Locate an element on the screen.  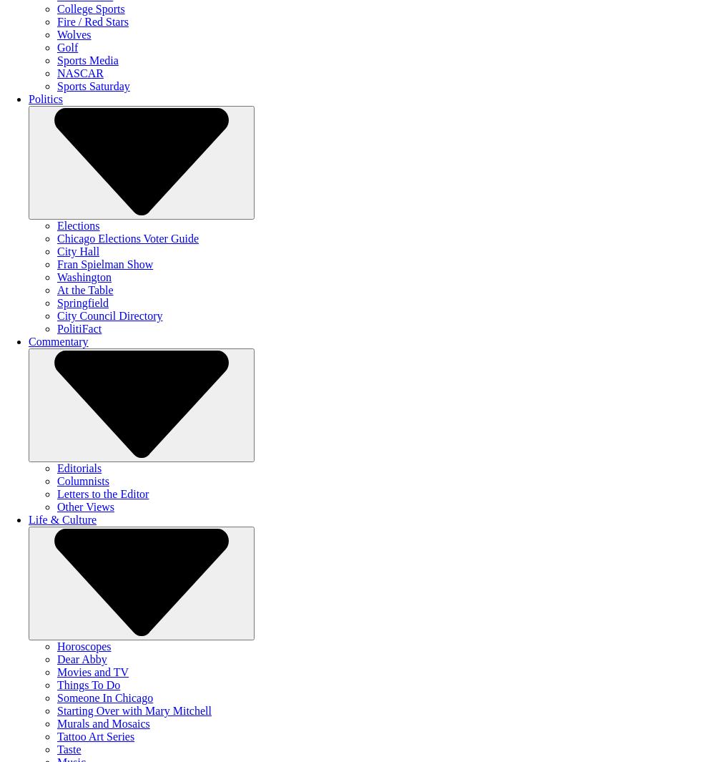
'Taste' is located at coordinates (68, 749).